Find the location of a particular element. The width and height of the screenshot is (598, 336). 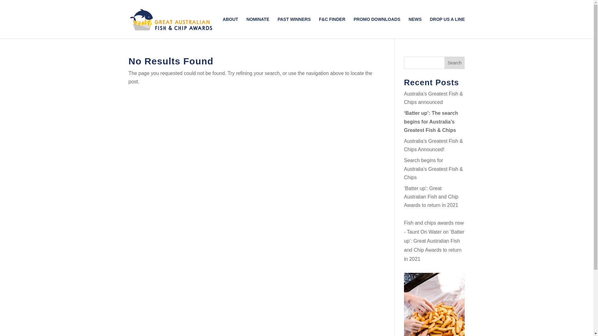

'NOMINATE' is located at coordinates (258, 27).